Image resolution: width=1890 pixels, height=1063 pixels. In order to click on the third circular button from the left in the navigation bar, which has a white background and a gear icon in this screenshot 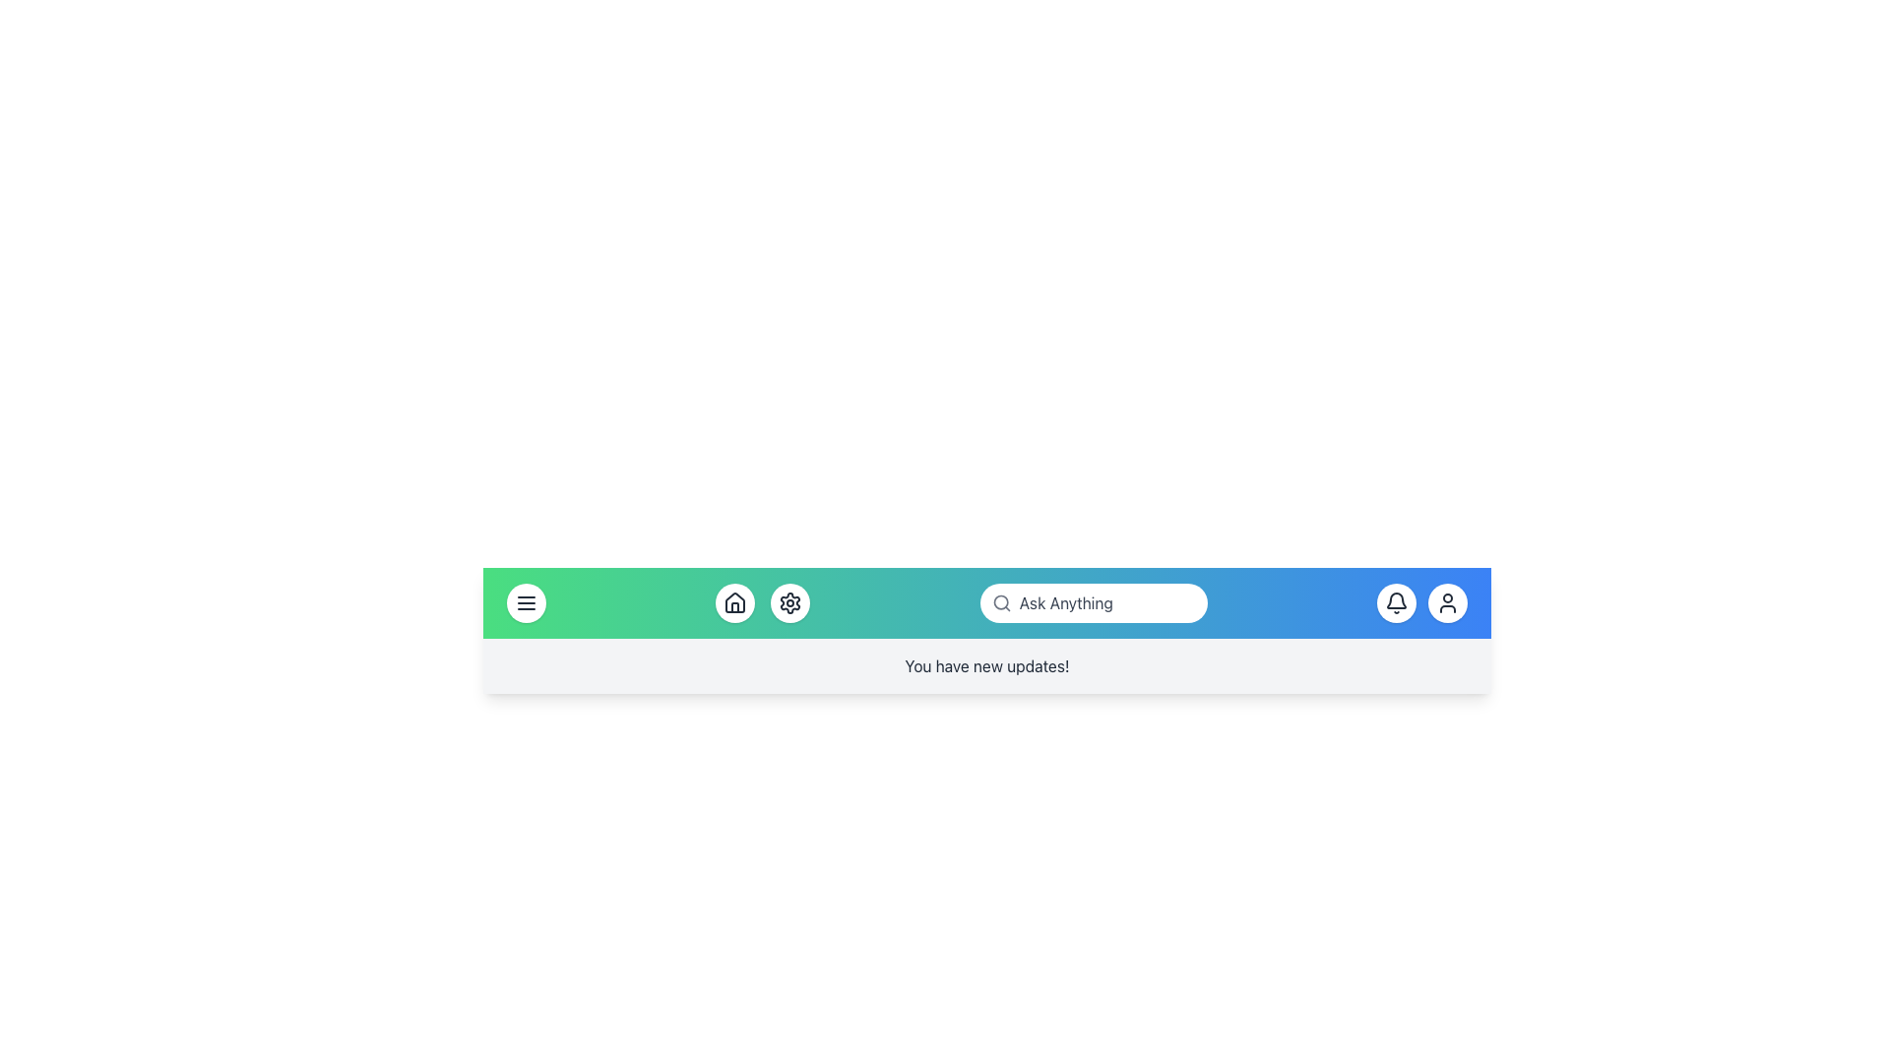, I will do `click(789, 602)`.